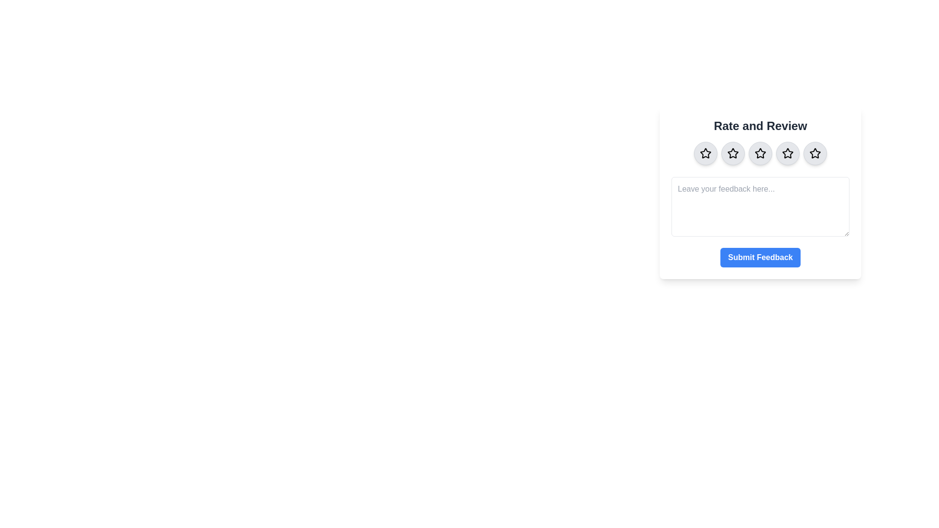 The height and width of the screenshot is (528, 939). I want to click on the first star rating button located in the feedback section under the title 'Rate and Review', so click(706, 153).